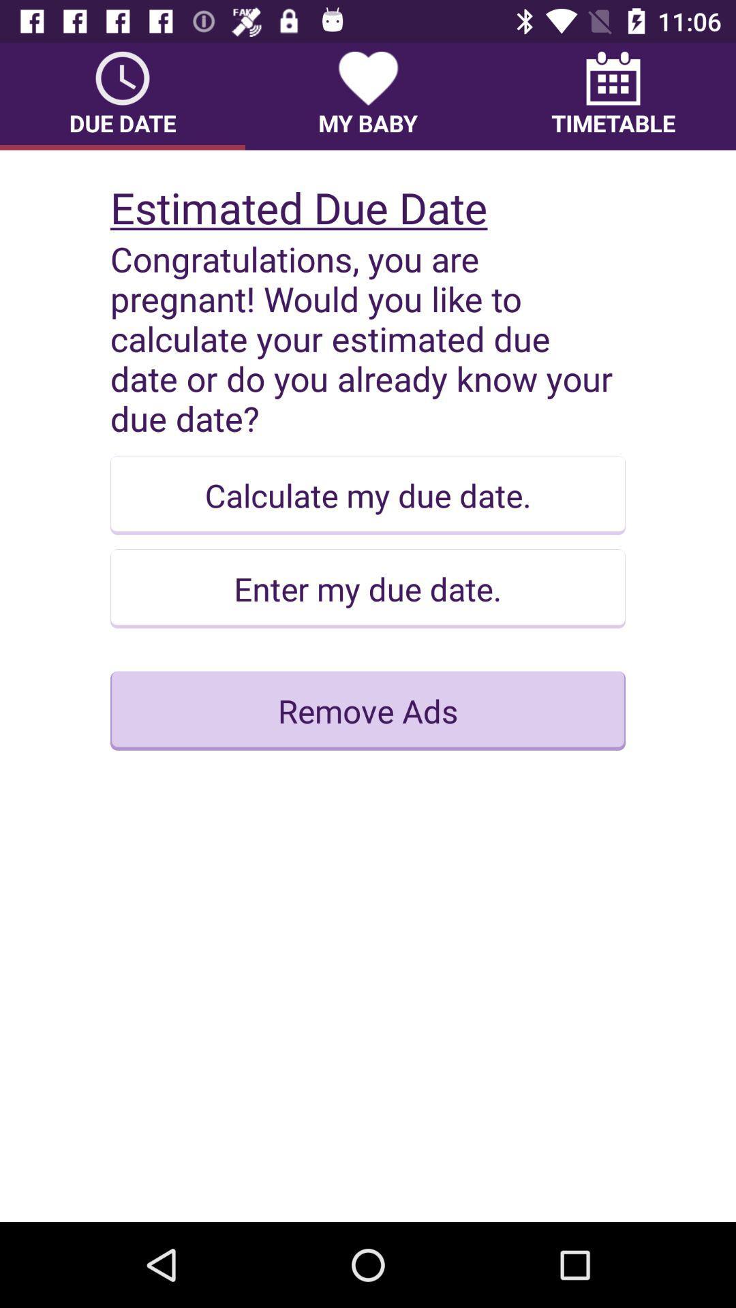 This screenshot has height=1308, width=736. I want to click on the item below enter my due, so click(368, 710).